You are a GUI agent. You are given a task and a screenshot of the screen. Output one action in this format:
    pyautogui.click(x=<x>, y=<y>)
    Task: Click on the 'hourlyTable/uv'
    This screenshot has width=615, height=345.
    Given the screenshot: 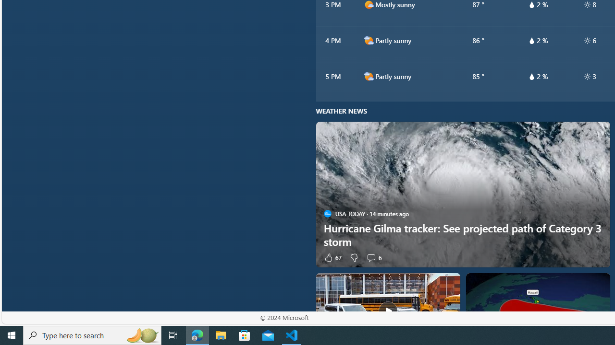 What is the action you would take?
    pyautogui.click(x=587, y=76)
    